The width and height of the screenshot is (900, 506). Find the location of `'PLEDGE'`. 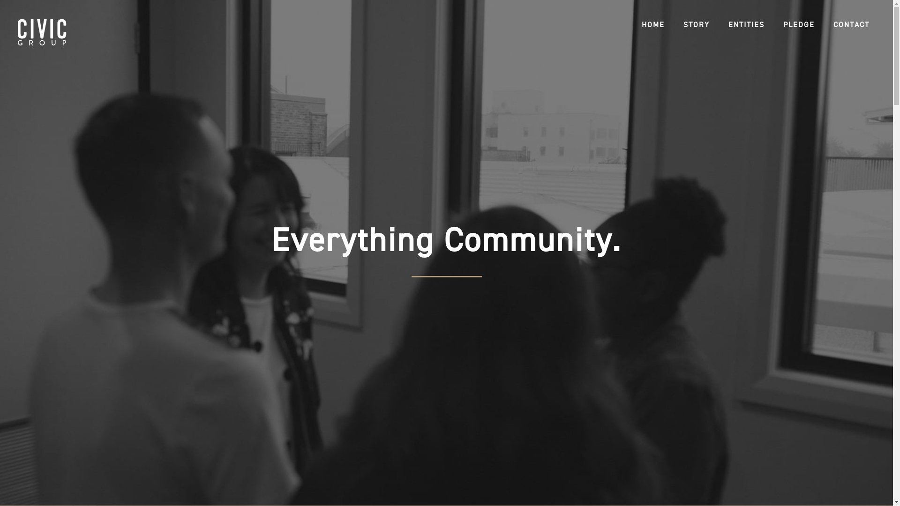

'PLEDGE' is located at coordinates (798, 24).